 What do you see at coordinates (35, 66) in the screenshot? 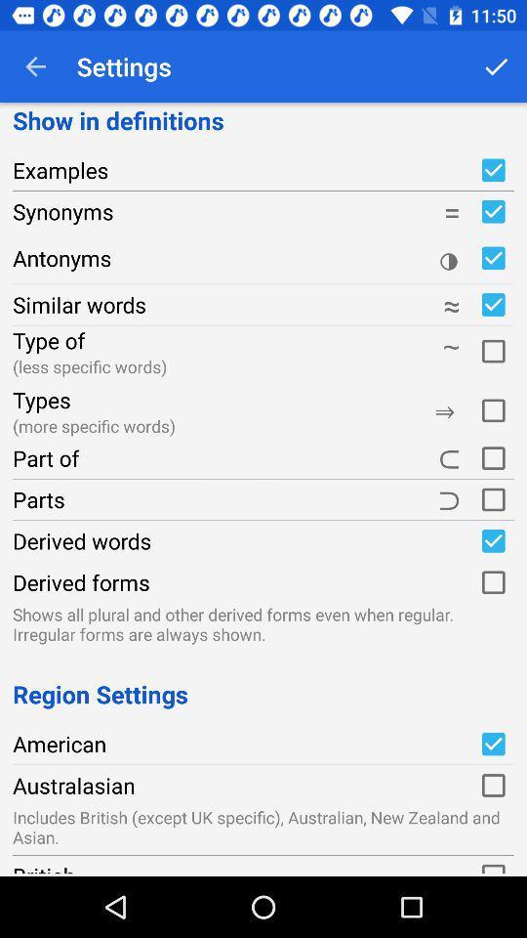
I see `icon to the left of settings app` at bounding box center [35, 66].